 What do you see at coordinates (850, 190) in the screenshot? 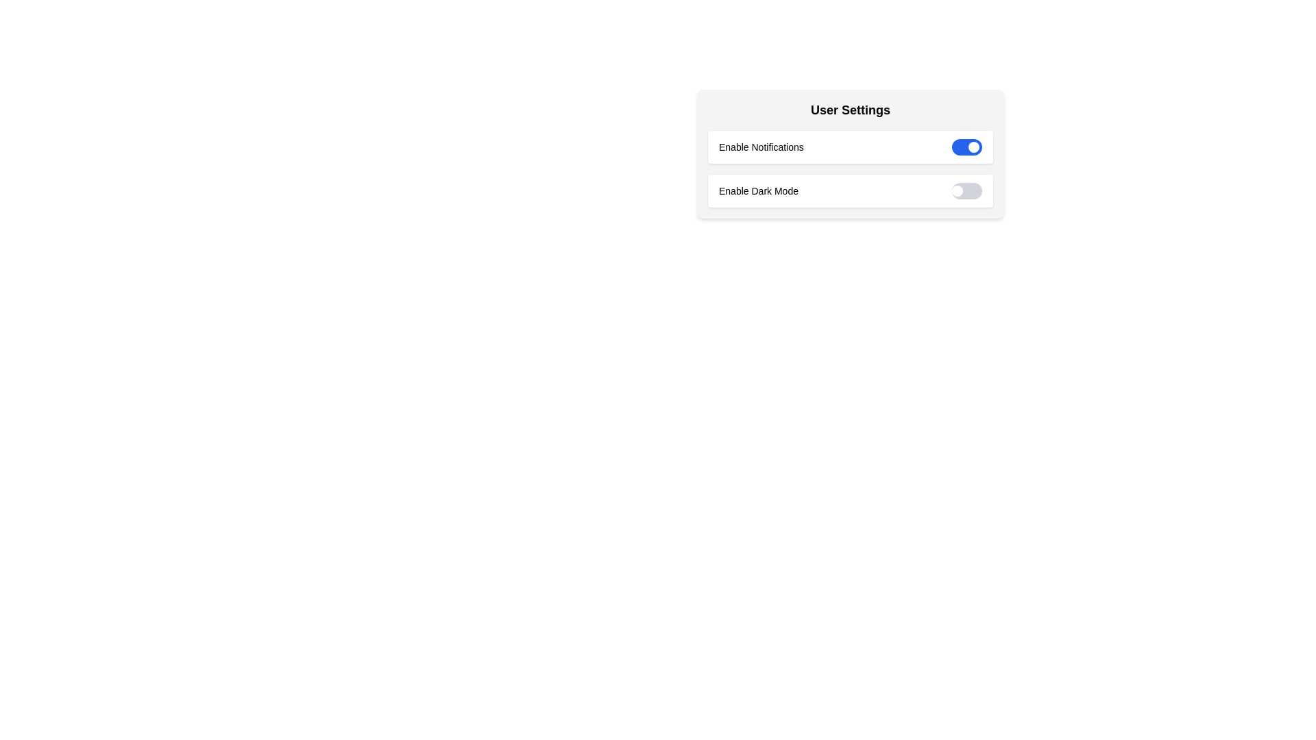
I see `the toggle switch in the User Settings to change its state for dark mode functionality` at bounding box center [850, 190].